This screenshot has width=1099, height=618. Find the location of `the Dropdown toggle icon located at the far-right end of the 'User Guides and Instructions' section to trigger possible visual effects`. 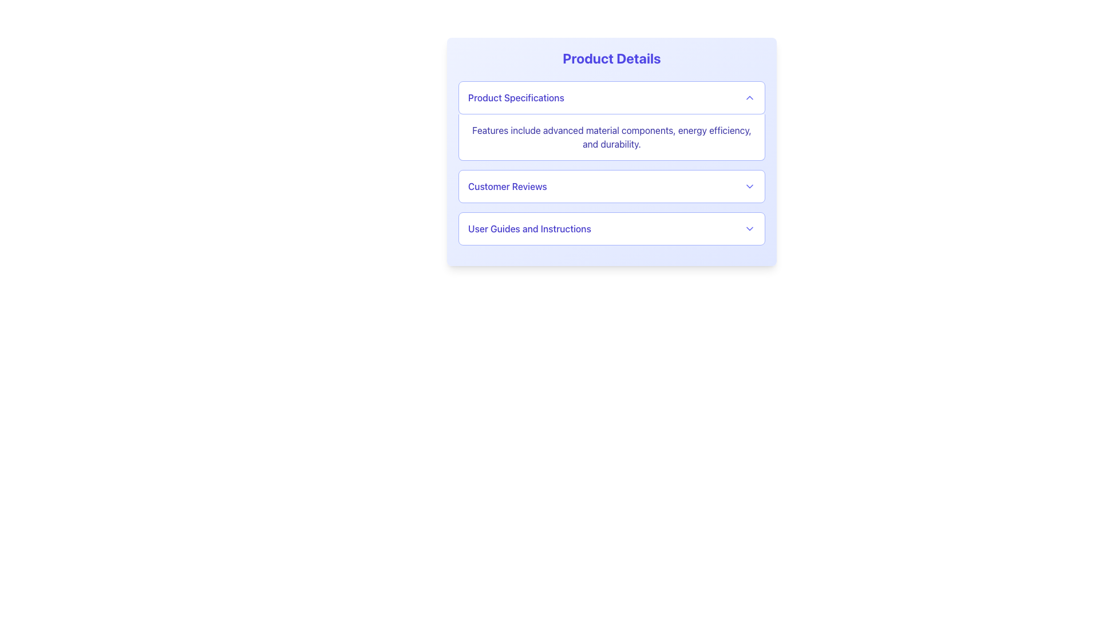

the Dropdown toggle icon located at the far-right end of the 'User Guides and Instructions' section to trigger possible visual effects is located at coordinates (750, 229).